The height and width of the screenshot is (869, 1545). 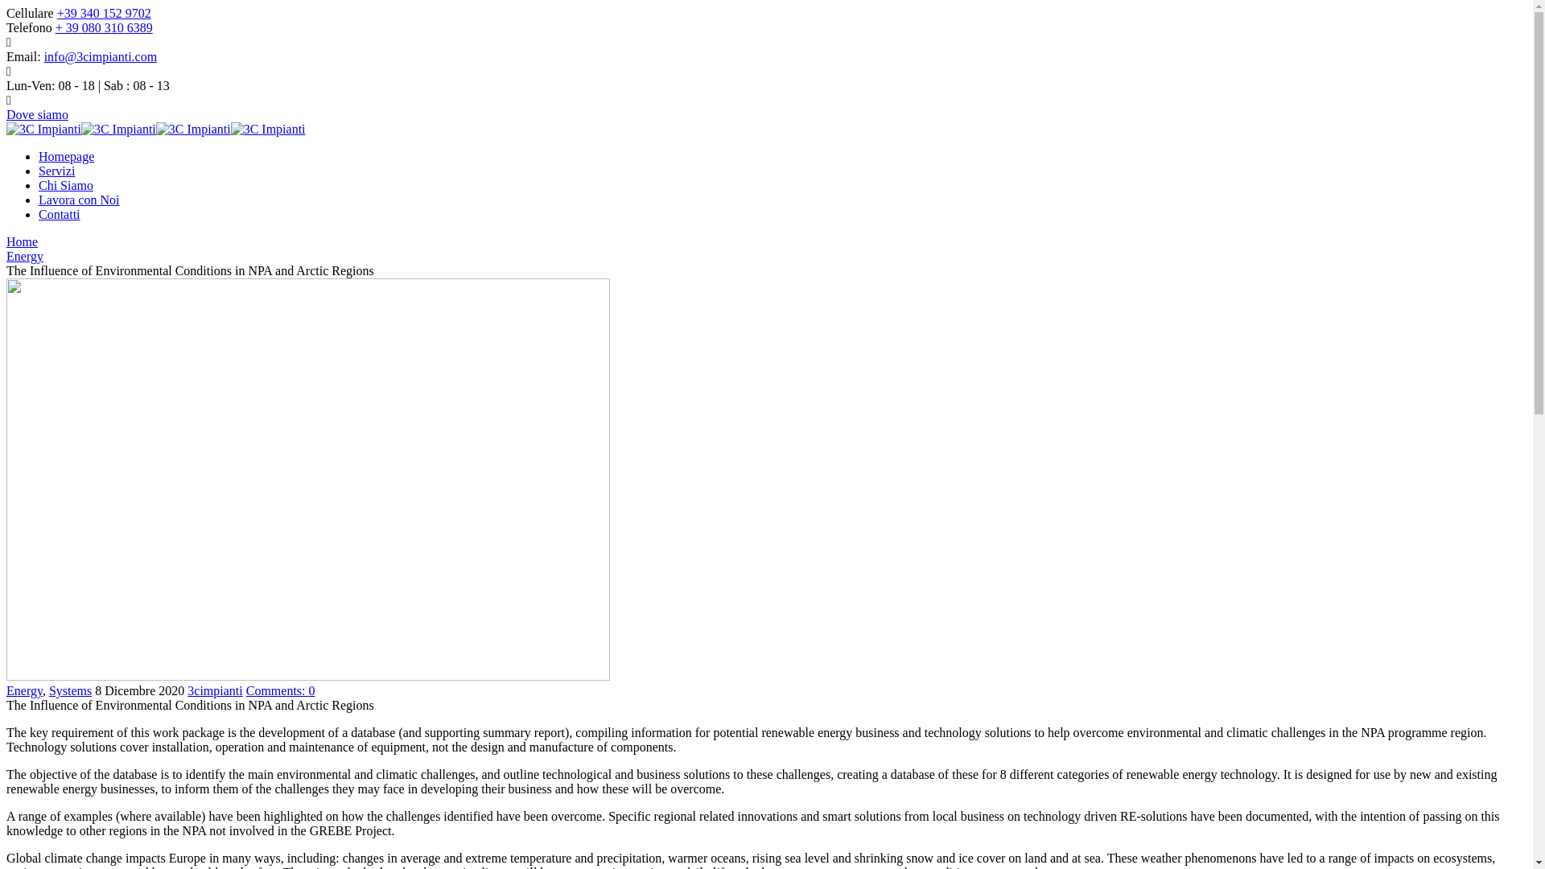 I want to click on 'Home', so click(x=22, y=241).